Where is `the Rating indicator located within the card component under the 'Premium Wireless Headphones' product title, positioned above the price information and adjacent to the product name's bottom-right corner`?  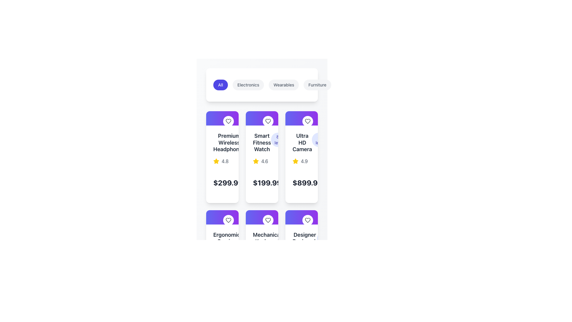 the Rating indicator located within the card component under the 'Premium Wireless Headphones' product title, positioned above the price information and adjacent to the product name's bottom-right corner is located at coordinates (222, 161).